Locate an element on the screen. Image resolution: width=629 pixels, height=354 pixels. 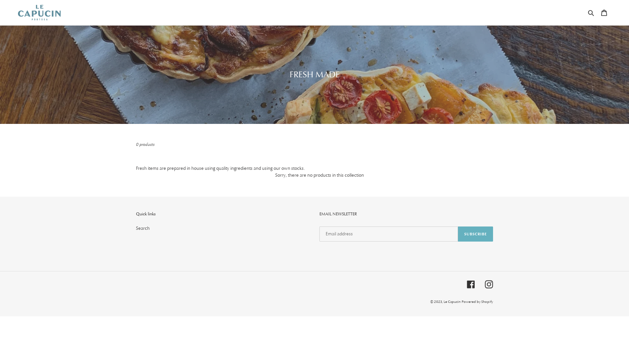
'SUBSCRIBE' is located at coordinates (475, 233).